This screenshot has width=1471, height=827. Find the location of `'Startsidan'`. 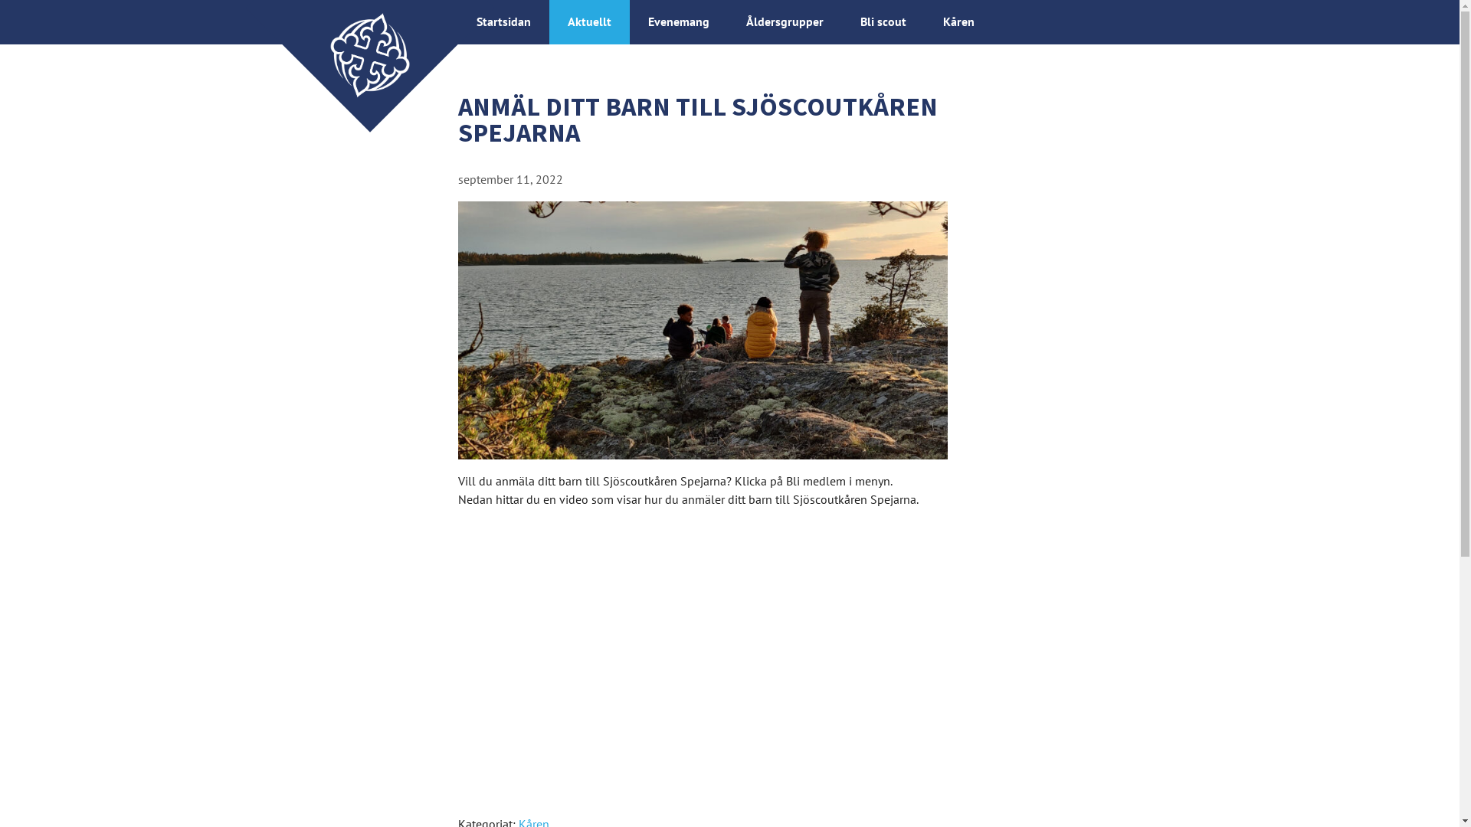

'Startsidan' is located at coordinates (476, 21).